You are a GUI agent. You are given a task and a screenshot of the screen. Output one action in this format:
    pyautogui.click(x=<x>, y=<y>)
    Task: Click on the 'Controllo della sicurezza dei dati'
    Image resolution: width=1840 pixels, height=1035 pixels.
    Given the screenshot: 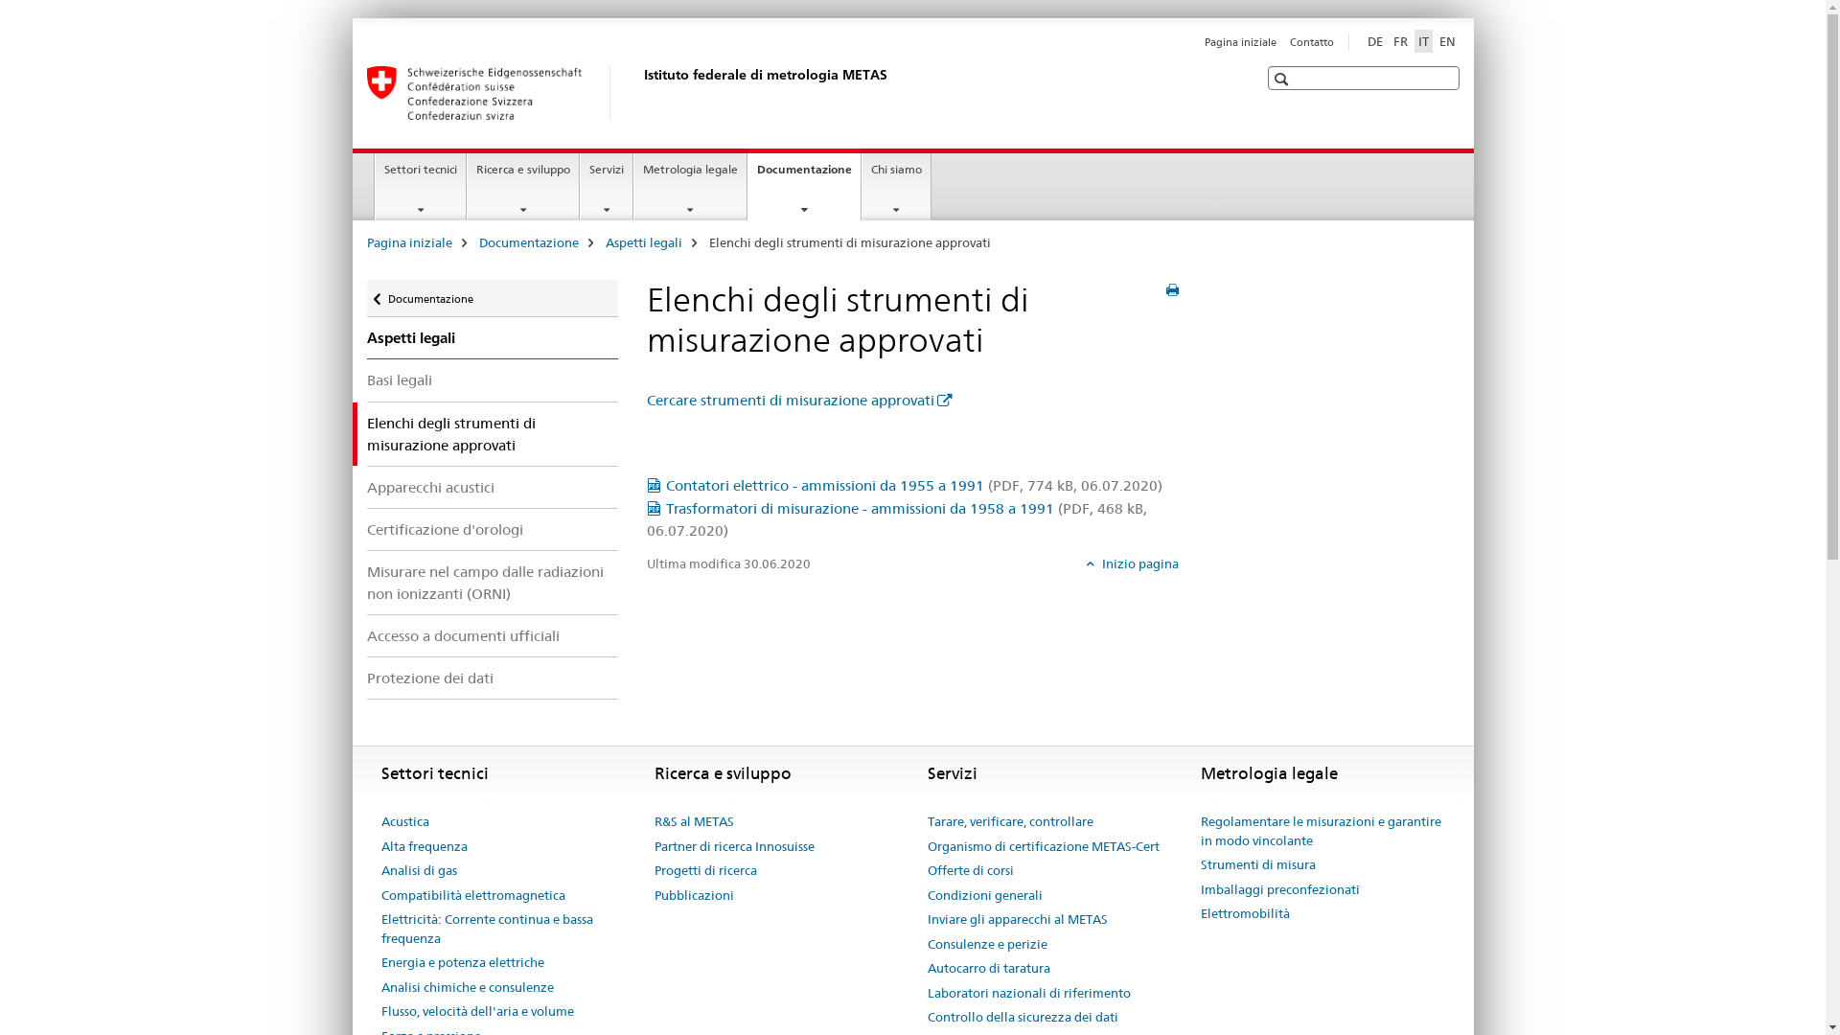 What is the action you would take?
    pyautogui.click(x=1022, y=1016)
    